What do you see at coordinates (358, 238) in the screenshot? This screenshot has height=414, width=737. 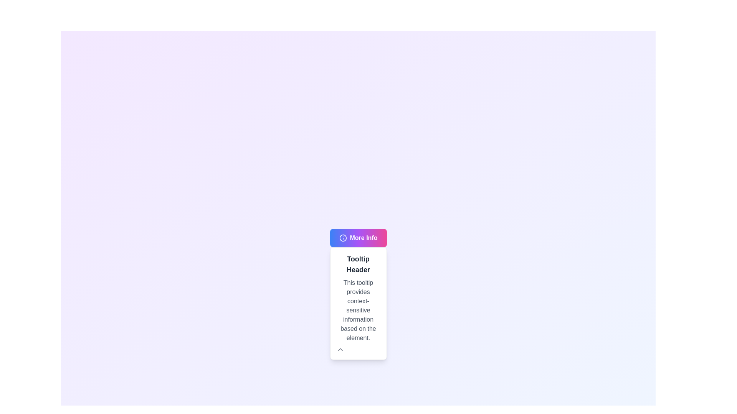 I see `the 'More Info' button` at bounding box center [358, 238].